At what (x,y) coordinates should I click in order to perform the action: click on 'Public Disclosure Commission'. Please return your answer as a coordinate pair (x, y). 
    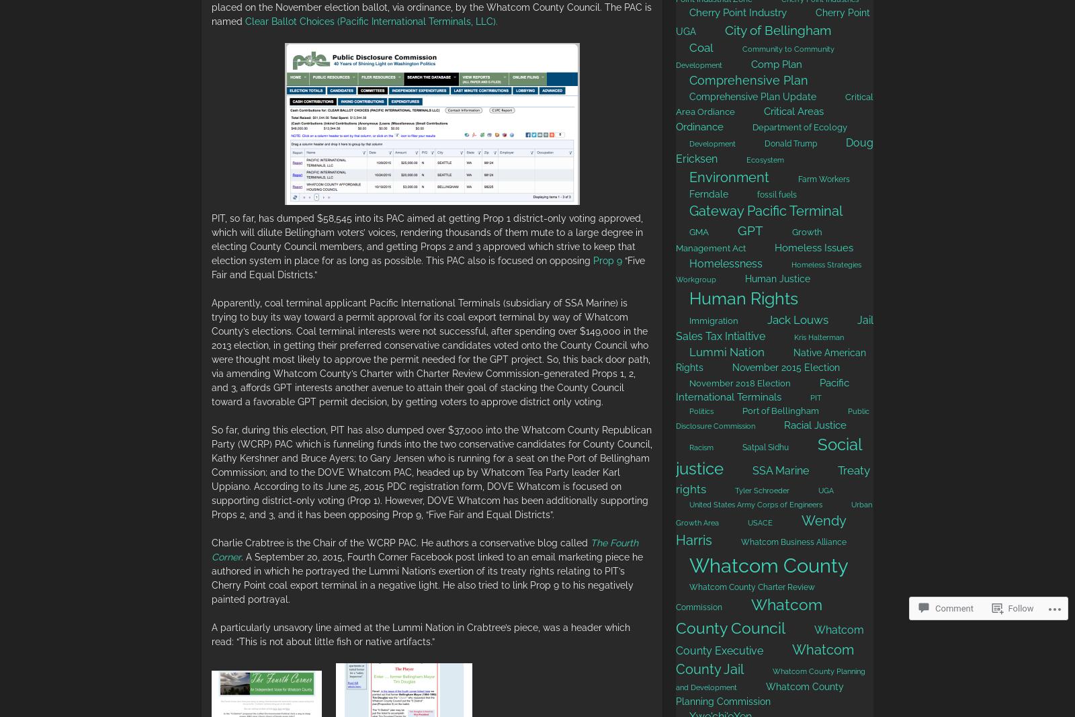
    Looking at the image, I should click on (773, 419).